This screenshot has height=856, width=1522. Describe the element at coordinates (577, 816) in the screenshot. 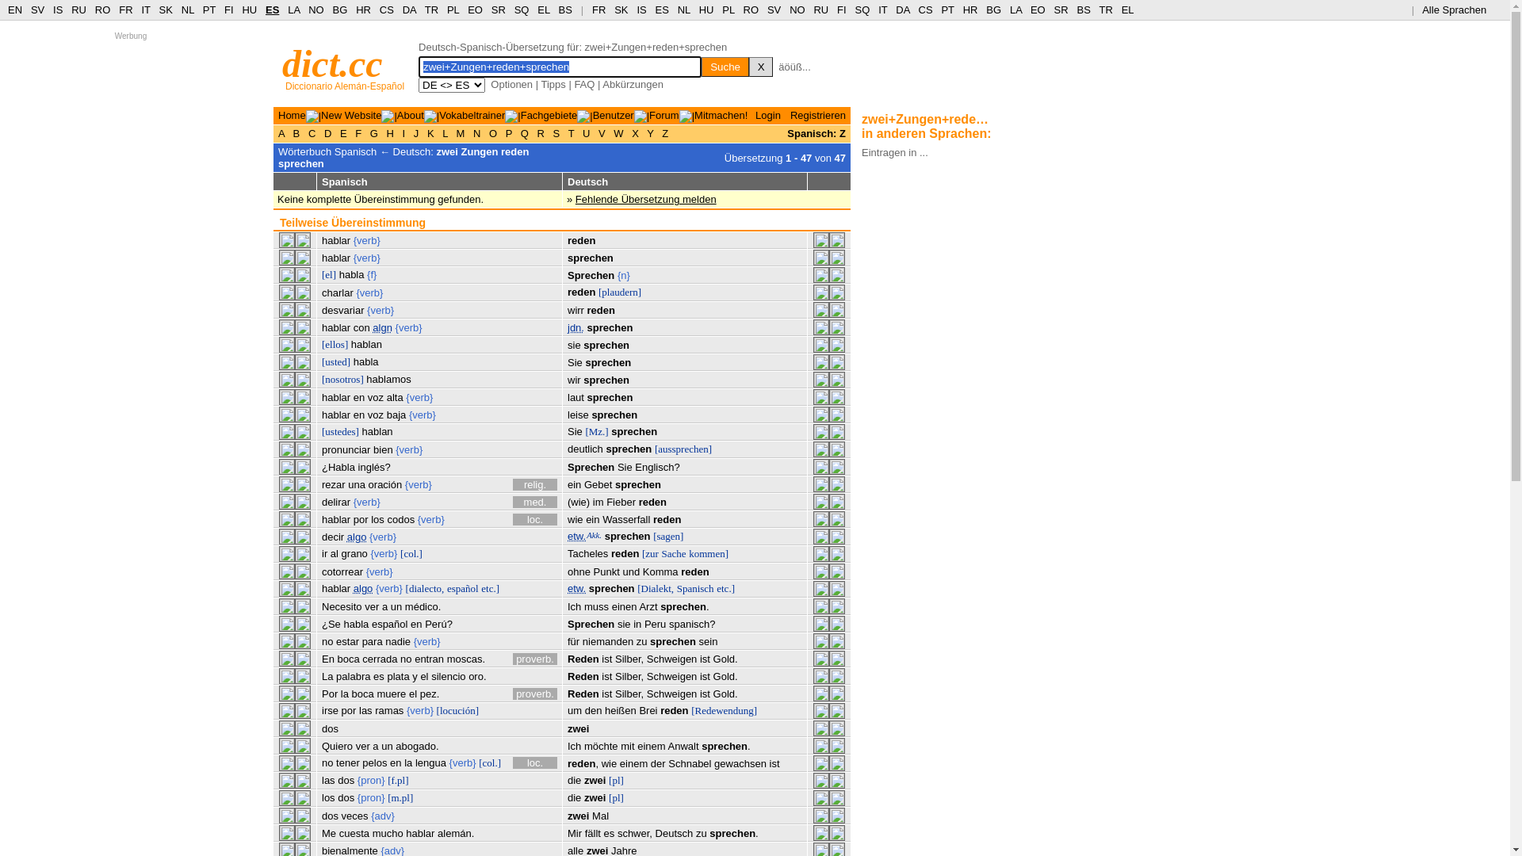

I see `'zwei'` at that location.